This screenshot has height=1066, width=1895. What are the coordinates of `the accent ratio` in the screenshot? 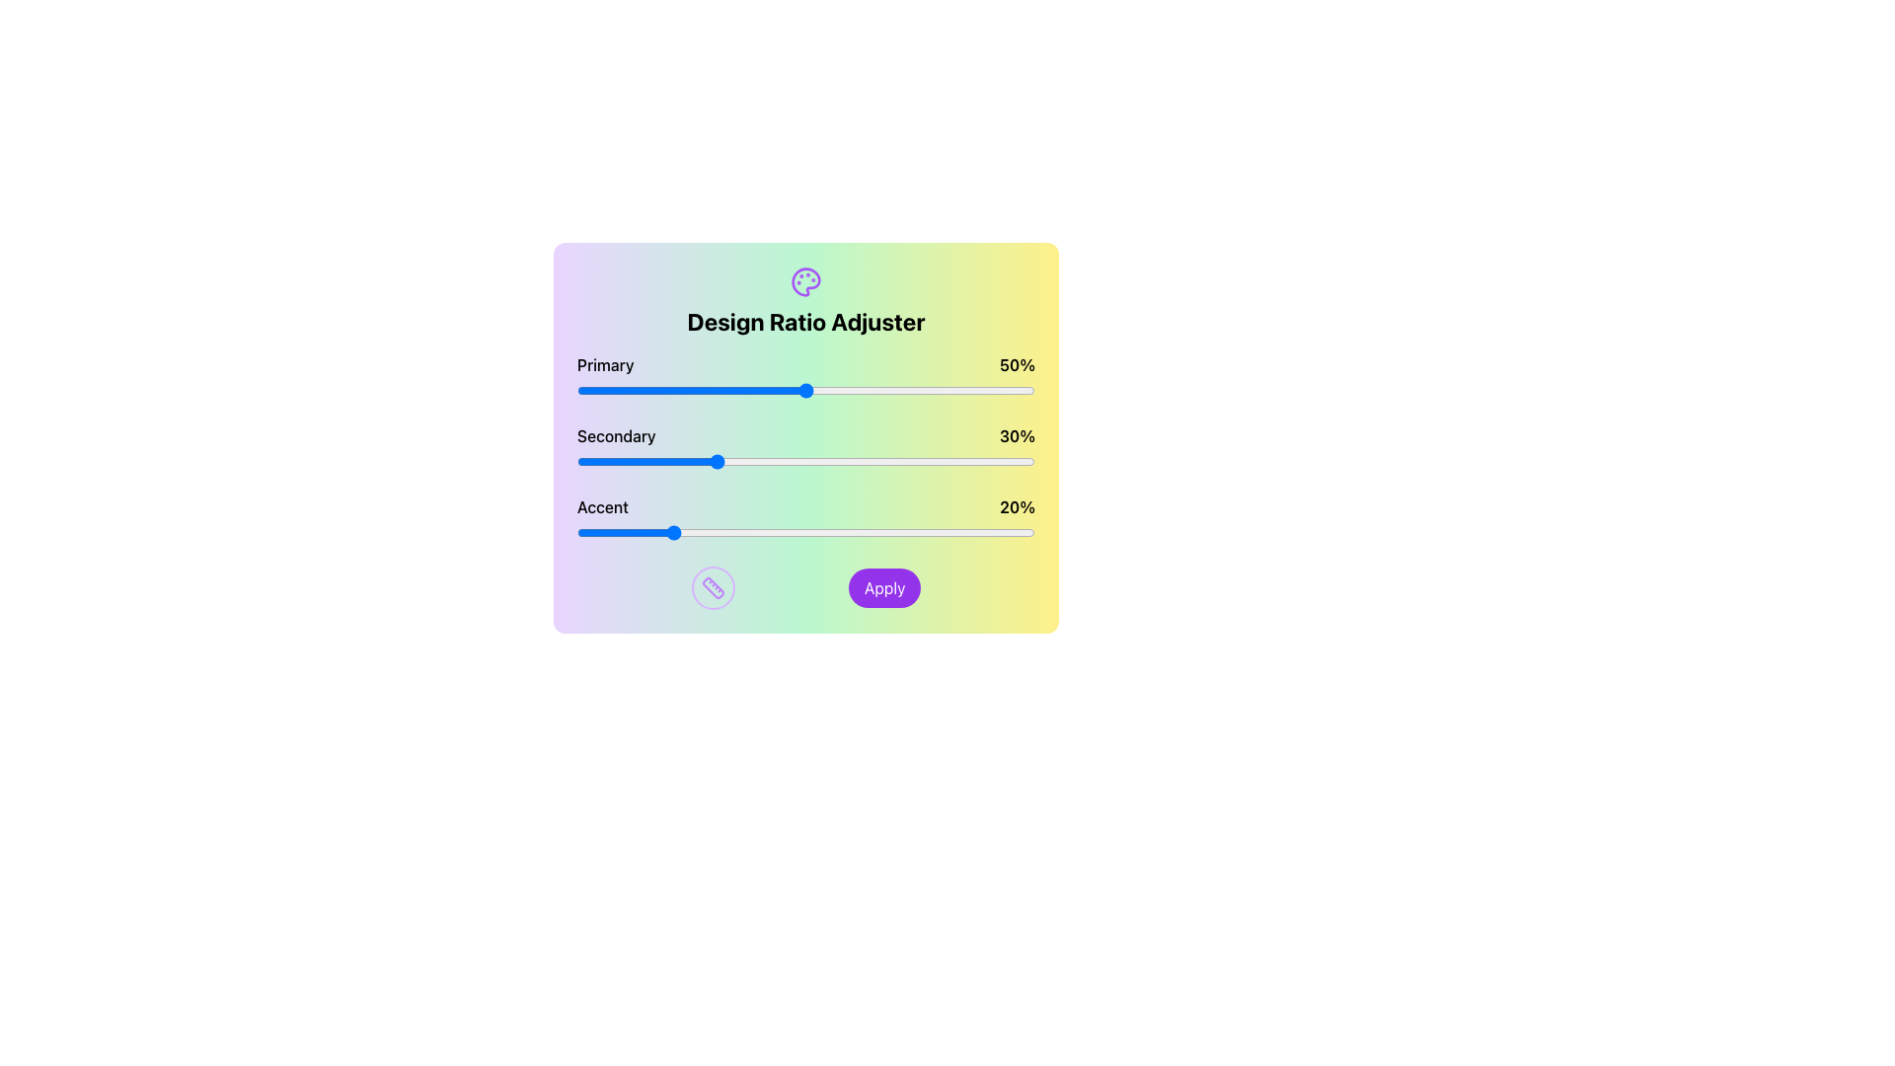 It's located at (810, 533).